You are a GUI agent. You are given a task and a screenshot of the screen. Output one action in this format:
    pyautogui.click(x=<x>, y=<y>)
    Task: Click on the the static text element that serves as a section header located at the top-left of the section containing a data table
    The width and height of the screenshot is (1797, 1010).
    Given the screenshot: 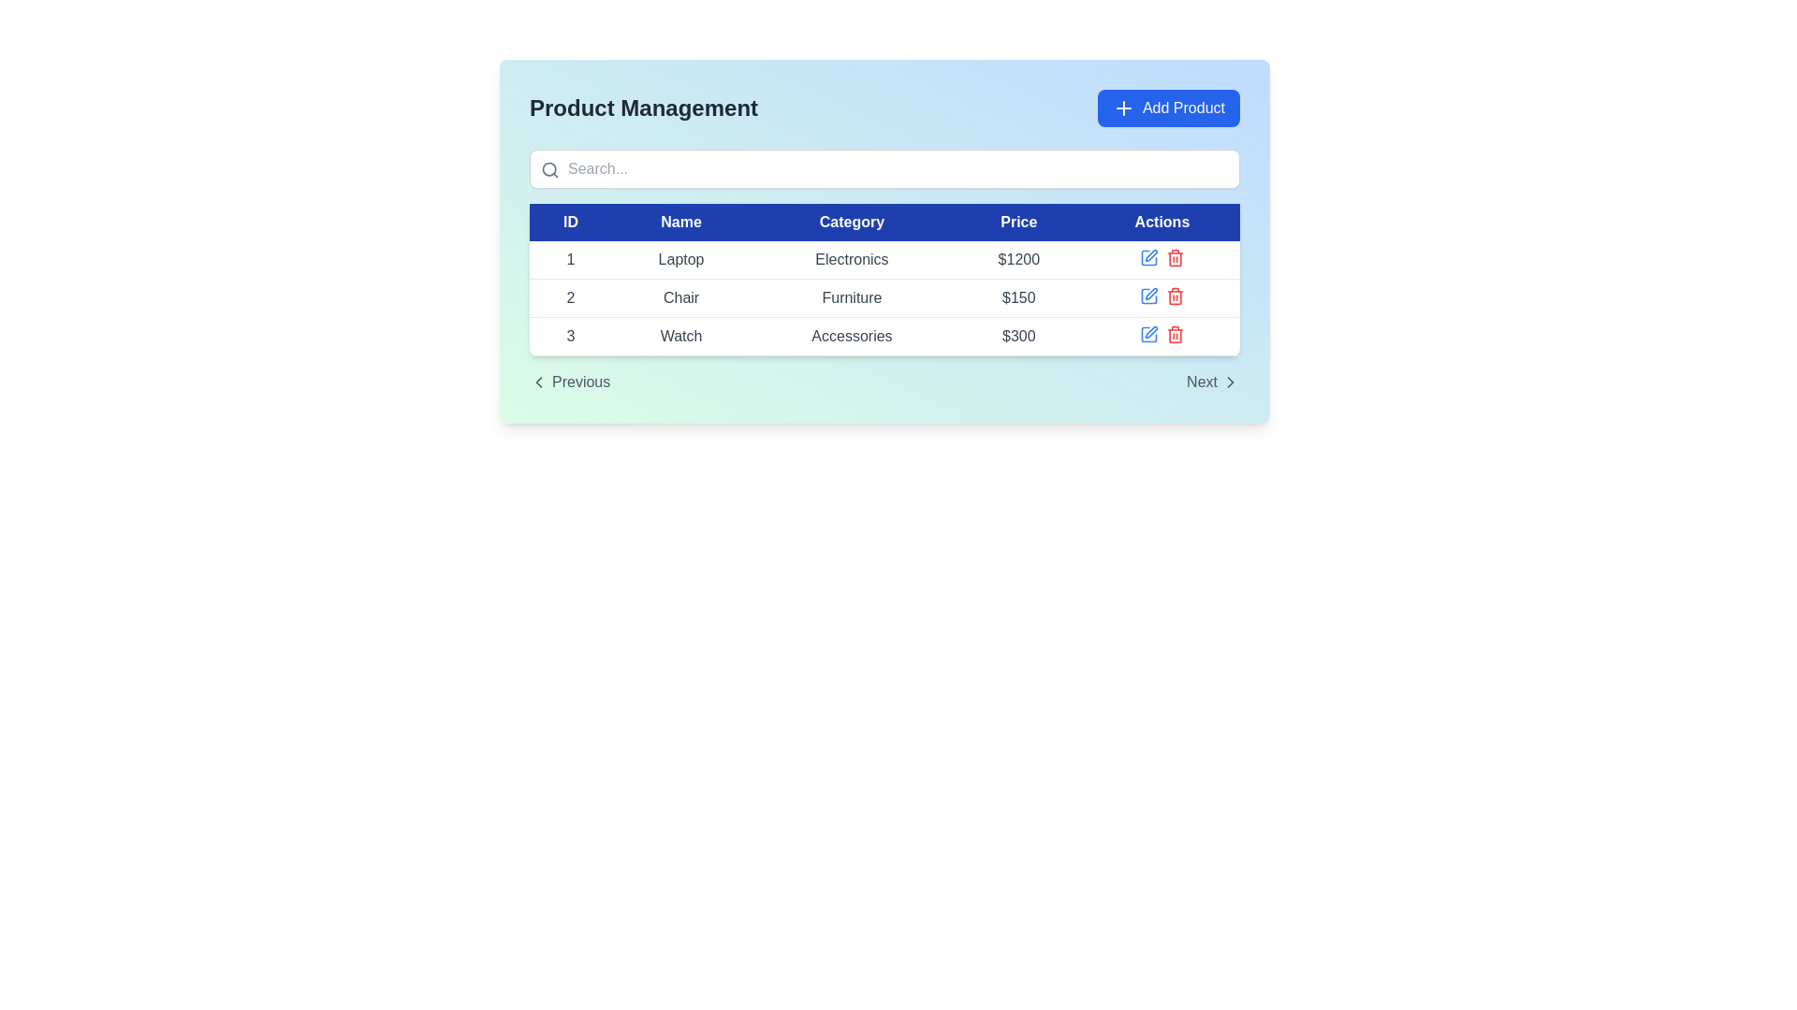 What is the action you would take?
    pyautogui.click(x=643, y=108)
    